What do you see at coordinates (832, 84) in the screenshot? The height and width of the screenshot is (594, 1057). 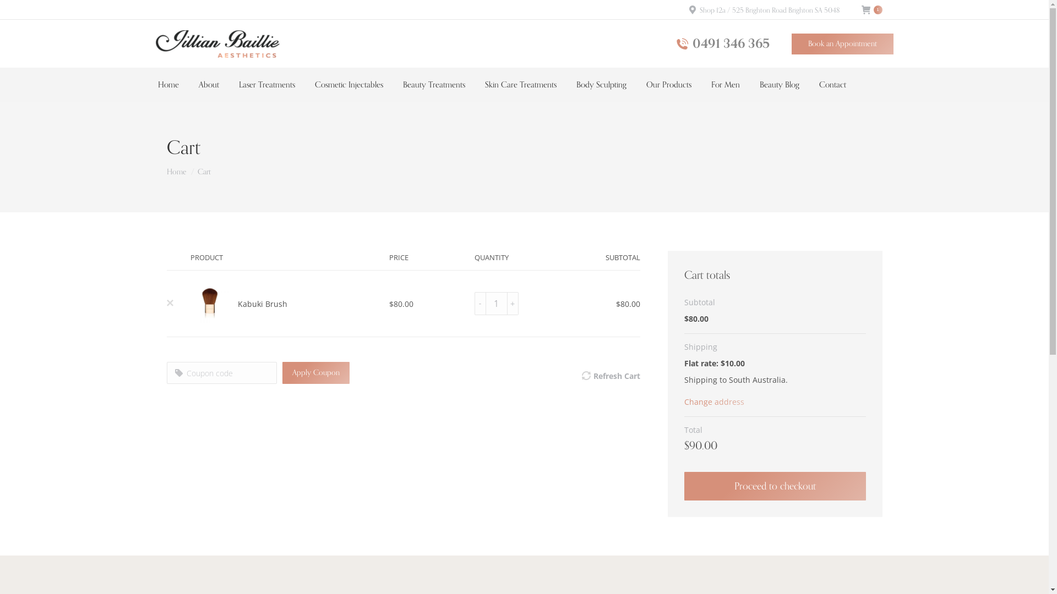 I see `'Contact'` at bounding box center [832, 84].